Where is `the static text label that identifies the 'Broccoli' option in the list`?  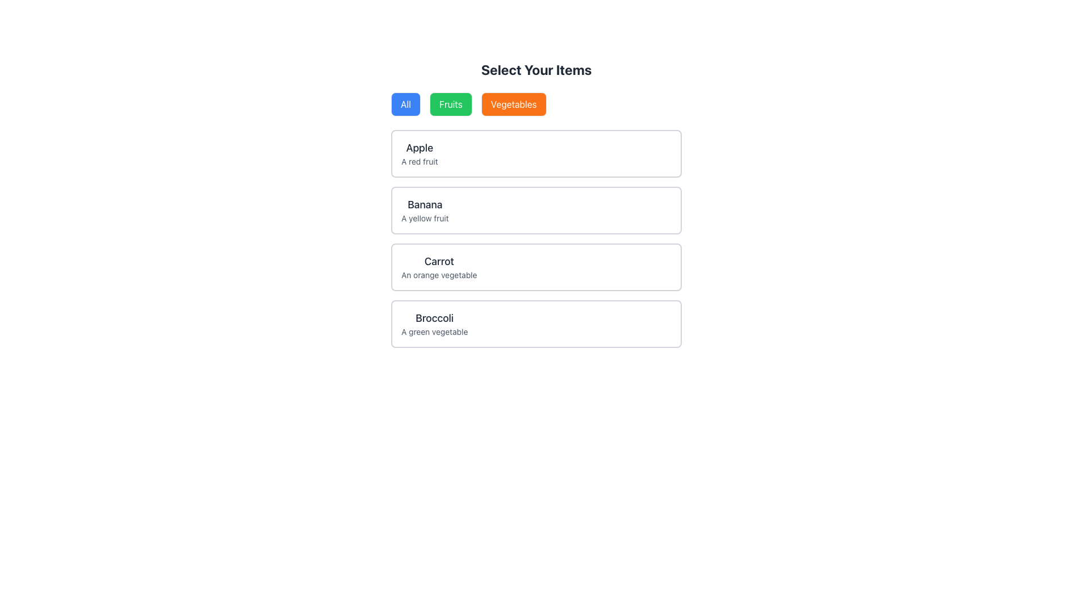
the static text label that identifies the 'Broccoli' option in the list is located at coordinates (434, 318).